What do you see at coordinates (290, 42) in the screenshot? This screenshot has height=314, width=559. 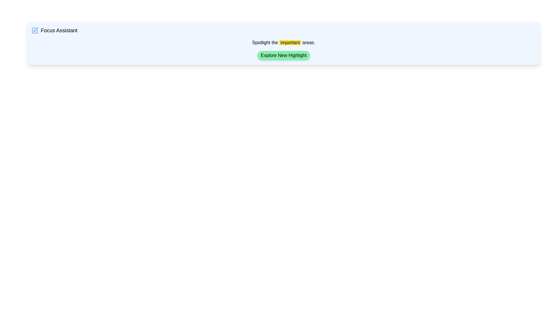 I see `the highlighted text 'important' which is bold, has a yellow background, rounded corners, and a subtle shadow effect, located between 'the' and 'areas.' in the sentence 'Spotlight the important areas.'` at bounding box center [290, 42].